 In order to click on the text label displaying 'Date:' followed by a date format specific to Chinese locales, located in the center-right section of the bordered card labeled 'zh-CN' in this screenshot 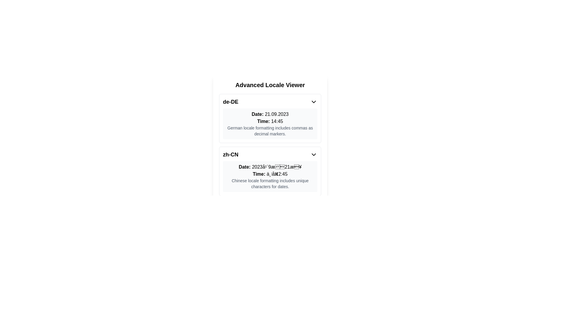, I will do `click(270, 167)`.